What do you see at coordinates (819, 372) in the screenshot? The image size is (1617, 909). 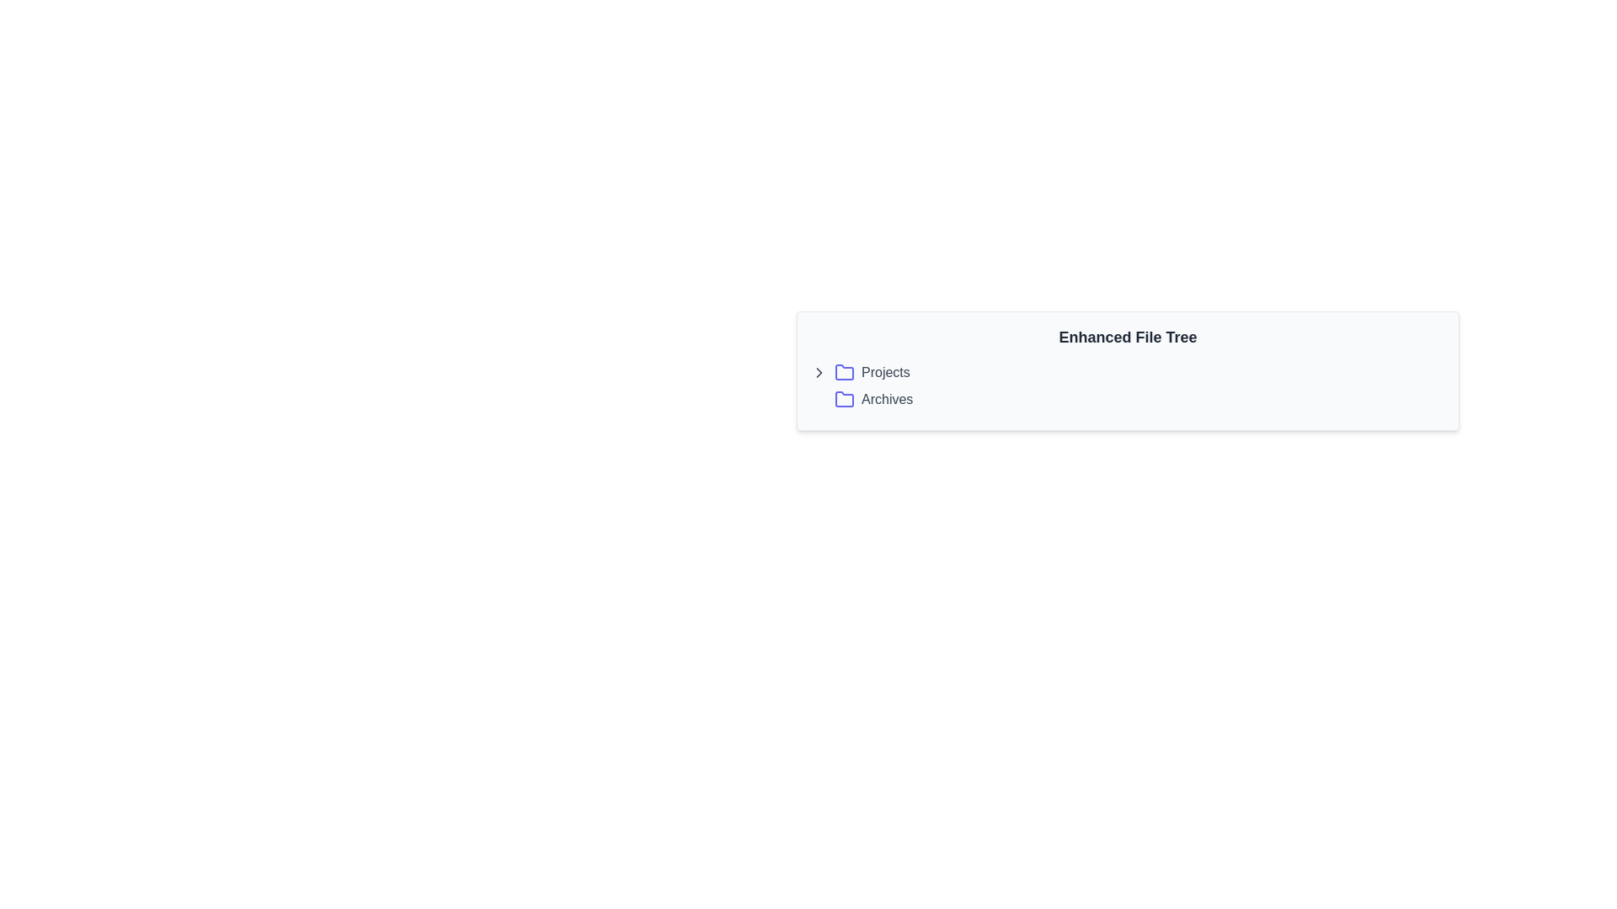 I see `the small, right-pointing chevron icon styled as a thin, black stroke within the 'Enhanced File Tree' section` at bounding box center [819, 372].